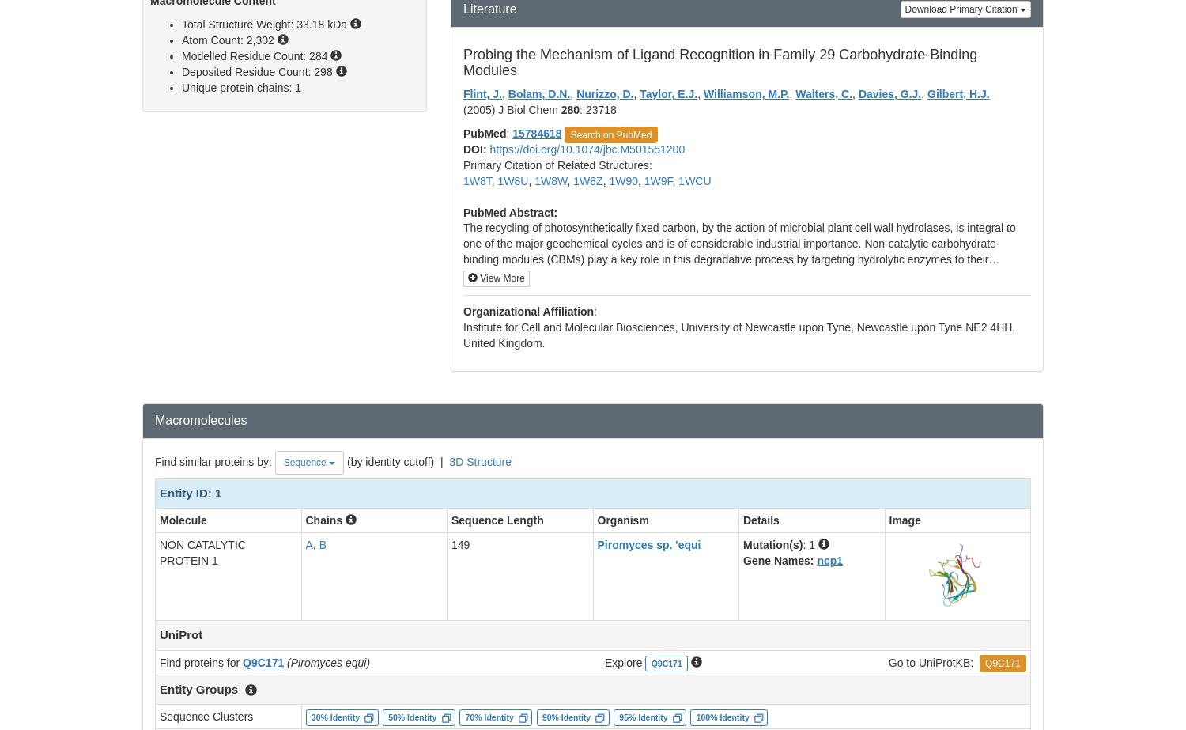  Describe the element at coordinates (528, 312) in the screenshot. I see `'Organizational Affiliation'` at that location.